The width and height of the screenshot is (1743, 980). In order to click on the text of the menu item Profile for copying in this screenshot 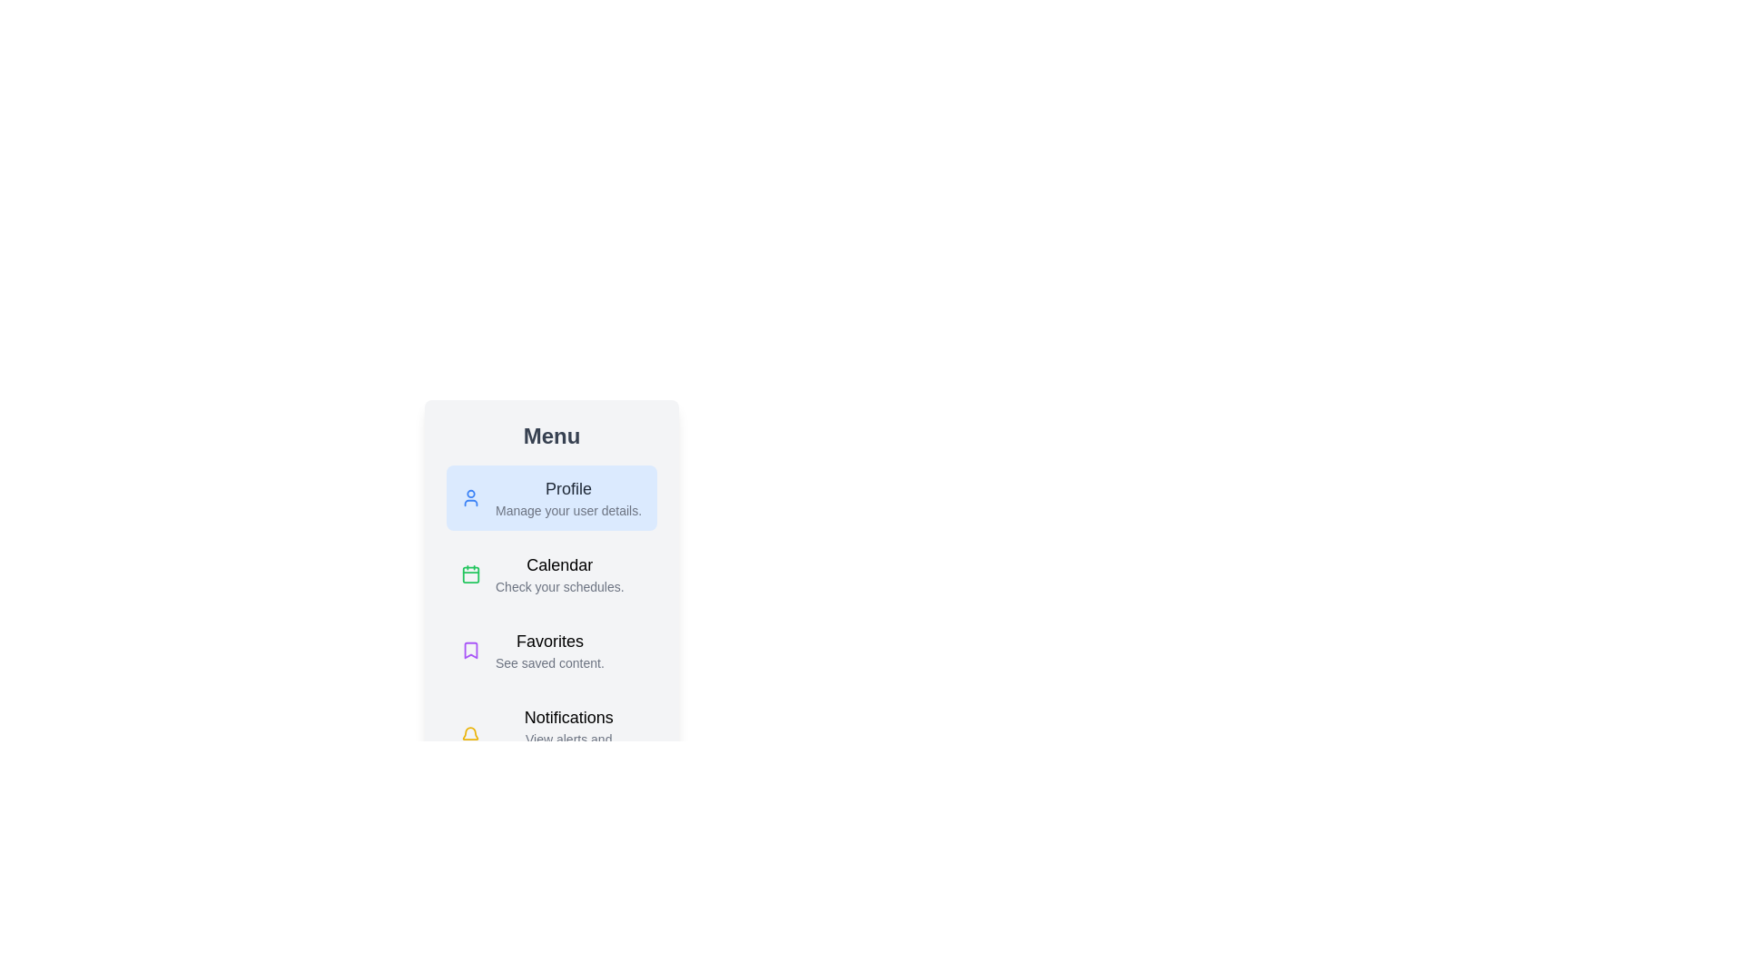, I will do `click(551, 497)`.